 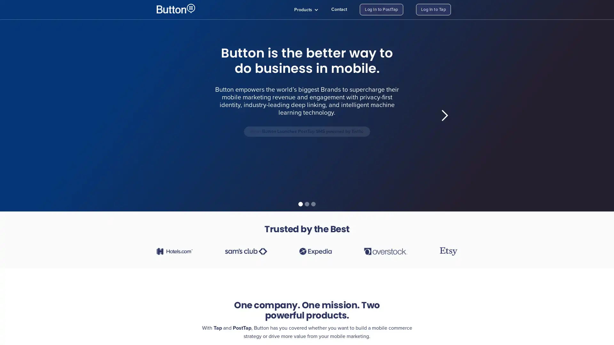 What do you see at coordinates (307, 204) in the screenshot?
I see `Show slide 2 of 3` at bounding box center [307, 204].